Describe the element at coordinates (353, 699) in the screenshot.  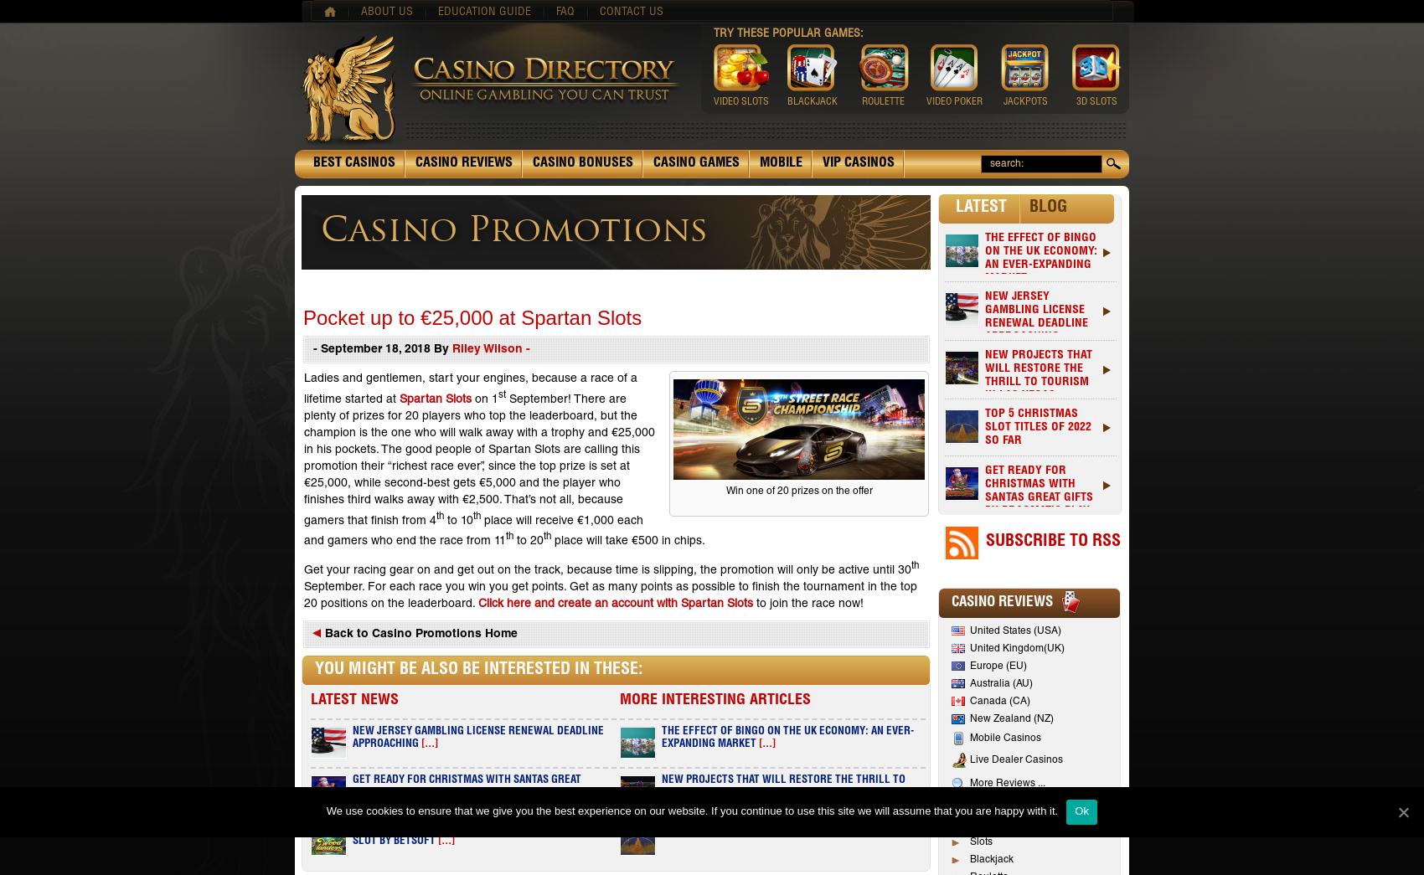
I see `'LATEST NEWS'` at that location.